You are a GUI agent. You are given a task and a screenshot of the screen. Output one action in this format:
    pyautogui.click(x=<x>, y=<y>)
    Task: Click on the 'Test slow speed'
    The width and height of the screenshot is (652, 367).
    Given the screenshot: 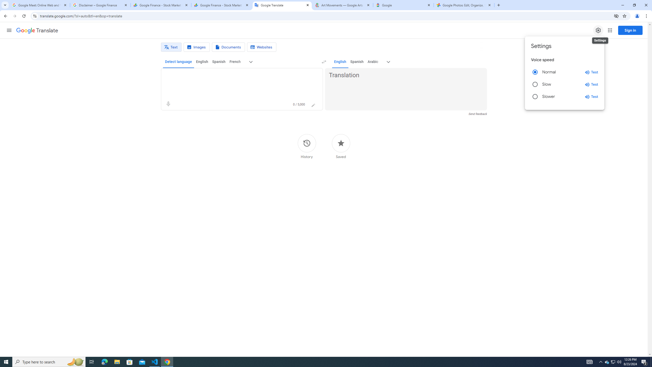 What is the action you would take?
    pyautogui.click(x=591, y=84)
    